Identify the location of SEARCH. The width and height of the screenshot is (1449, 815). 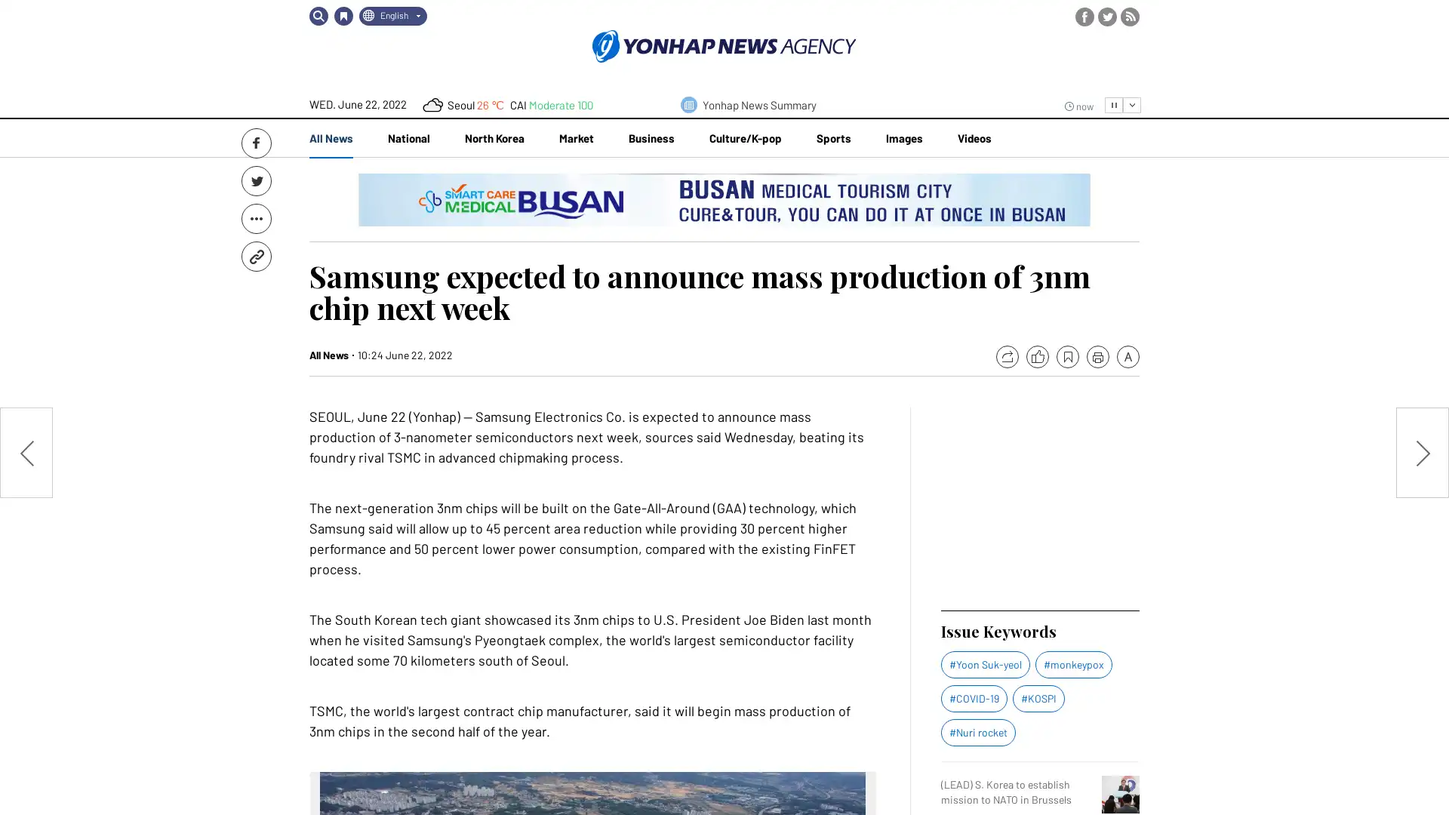
(318, 16).